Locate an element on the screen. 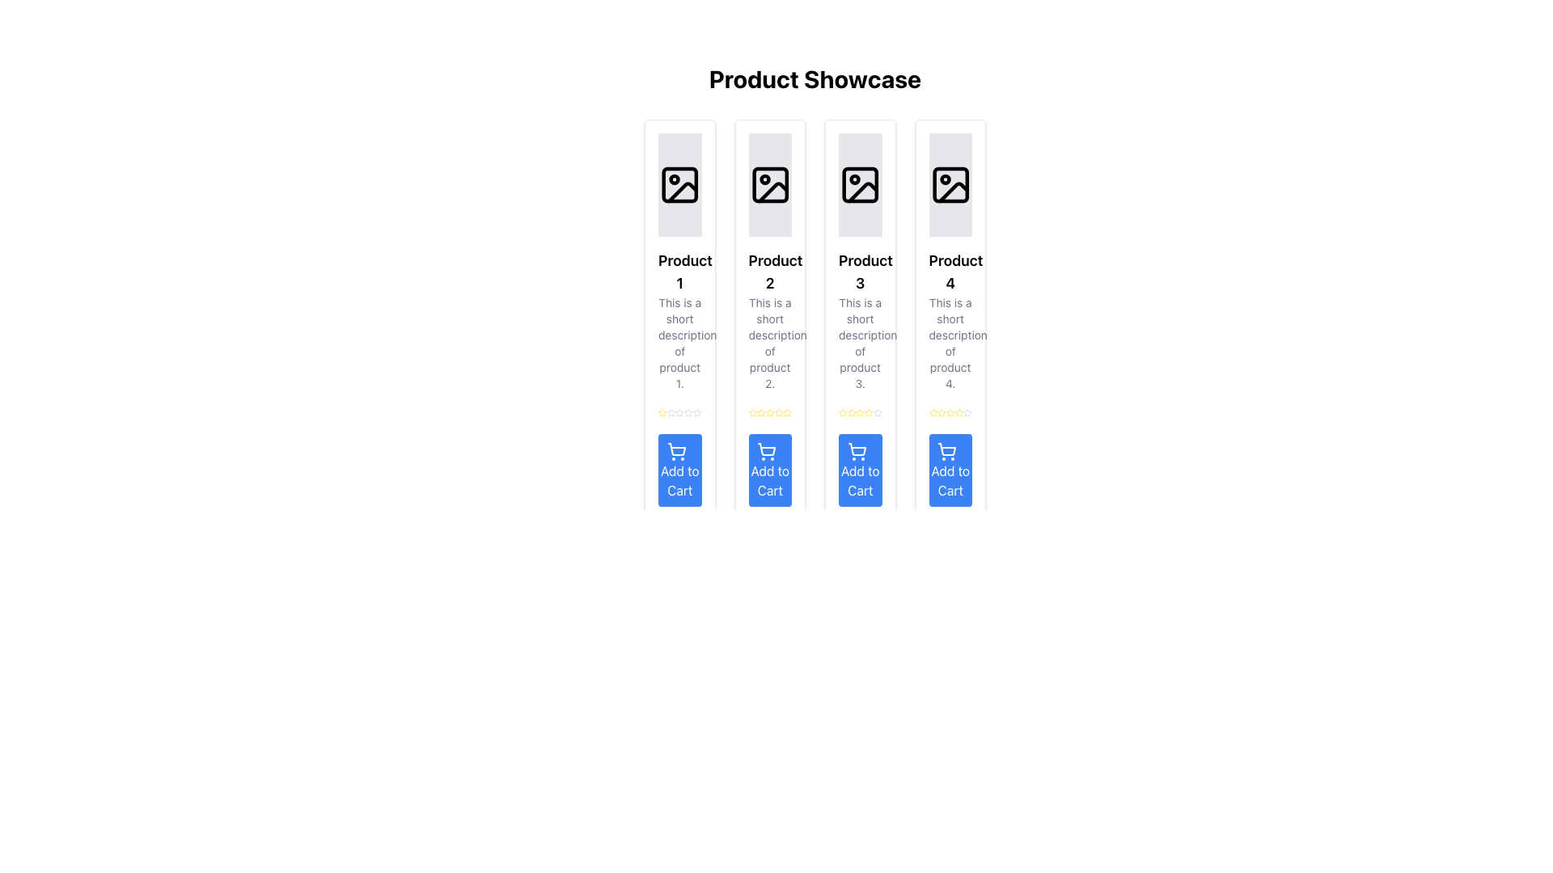 The height and width of the screenshot is (873, 1553). the third product card in the grid to enable potential interactions with the product's details and add to cart button is located at coordinates (859, 319).